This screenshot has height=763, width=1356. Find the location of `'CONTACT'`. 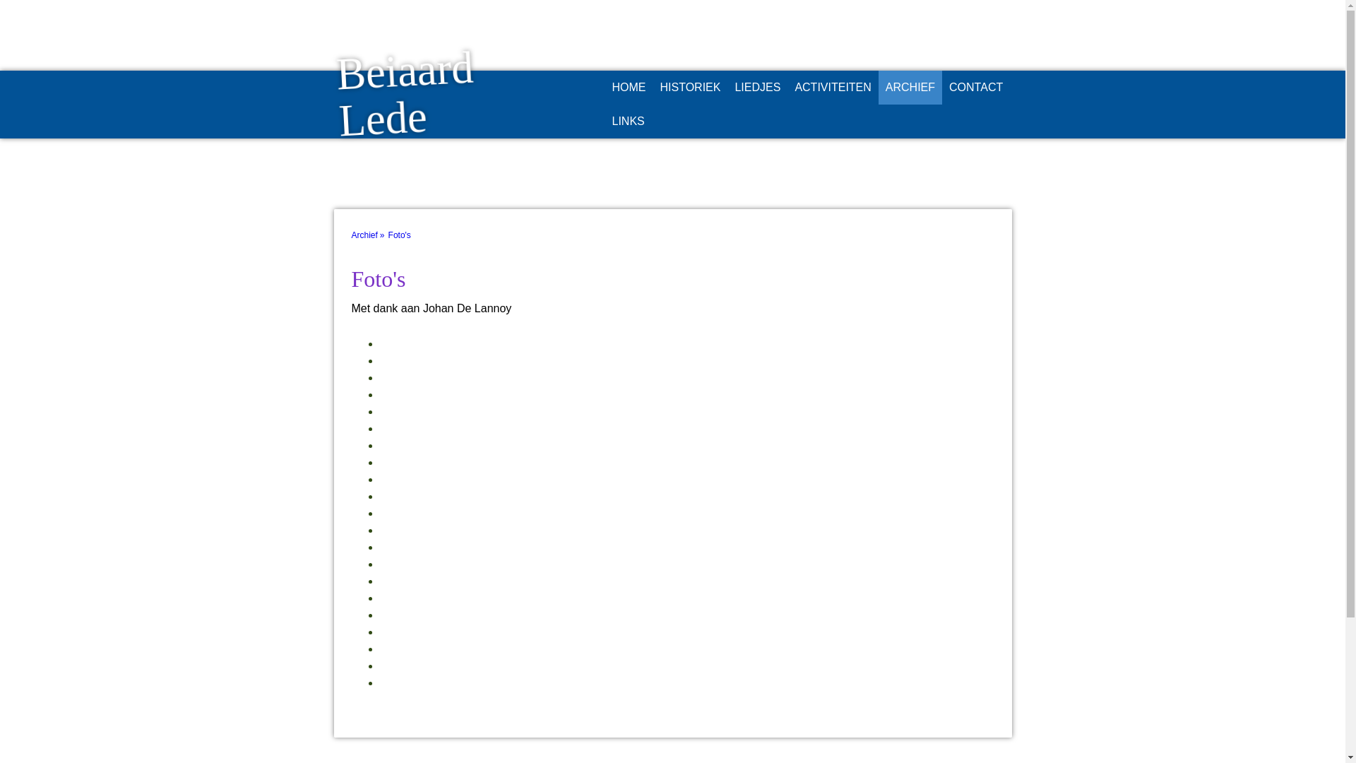

'CONTACT' is located at coordinates (942, 87).